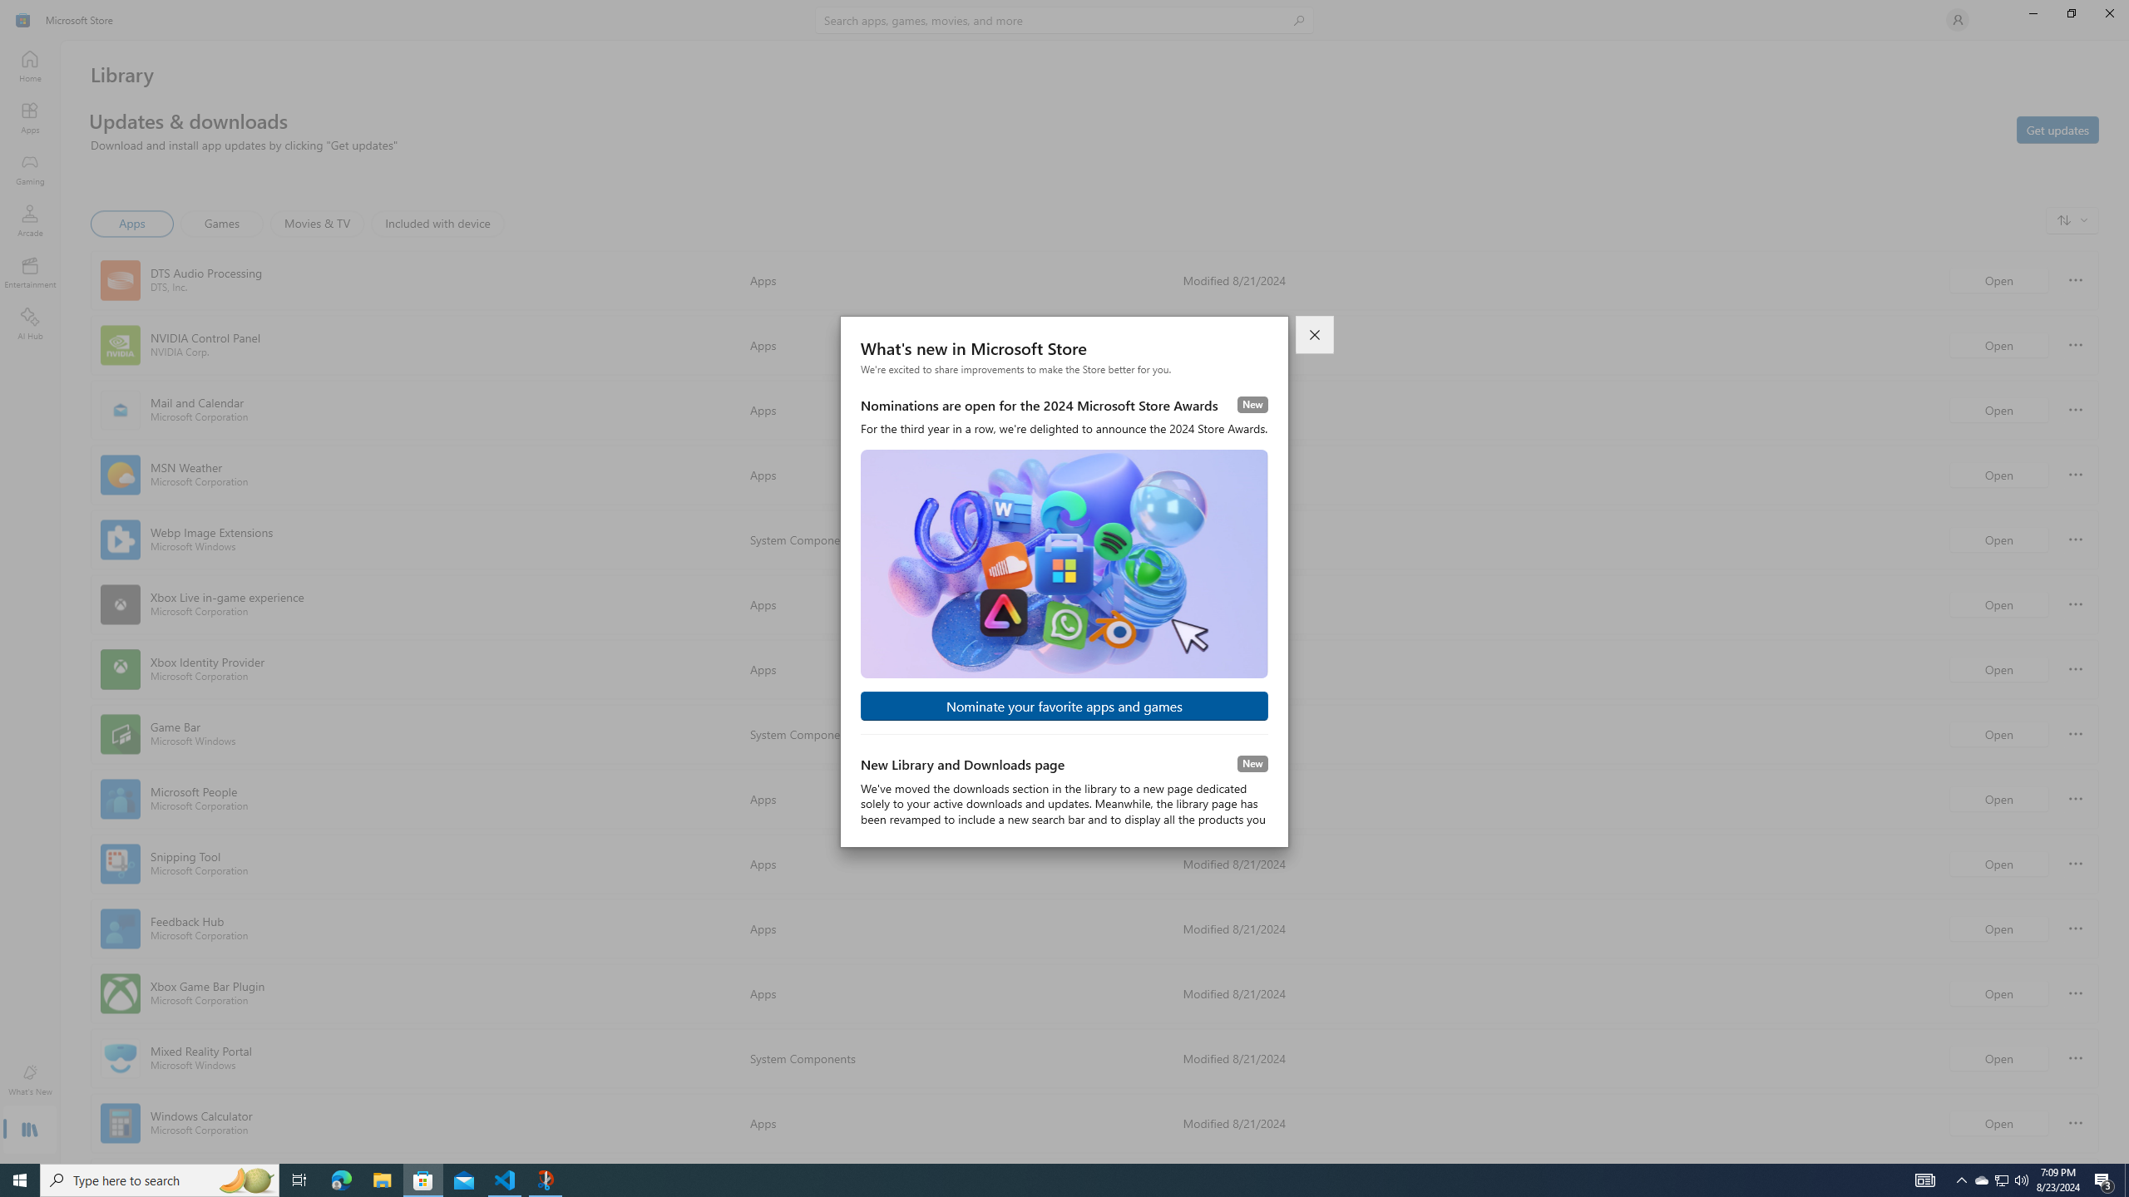 This screenshot has height=1197, width=2129. Describe the element at coordinates (28, 65) in the screenshot. I see `'Home'` at that location.